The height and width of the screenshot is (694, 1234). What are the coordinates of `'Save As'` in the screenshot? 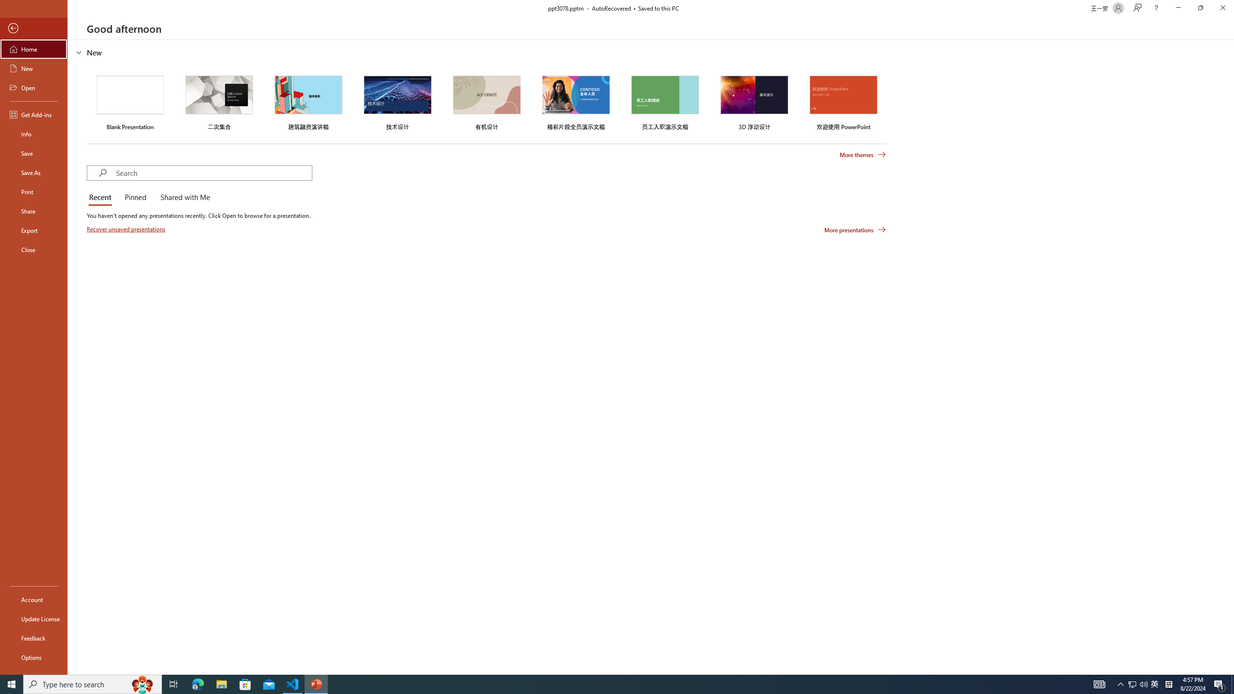 It's located at (33, 172).